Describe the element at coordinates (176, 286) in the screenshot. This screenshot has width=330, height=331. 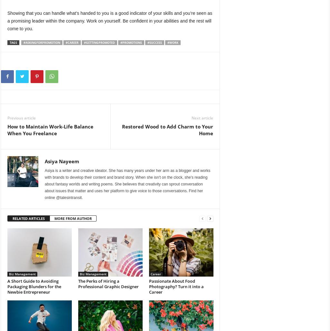
I see `'Passionate About Food Photography? Turn it into a Career'` at that location.